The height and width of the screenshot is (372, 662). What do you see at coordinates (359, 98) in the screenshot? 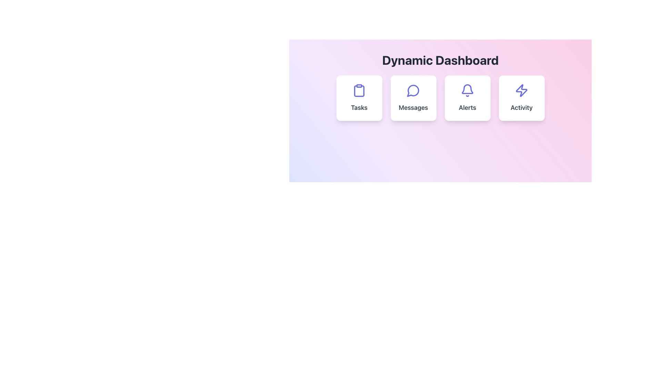
I see `the dashboard card located at the top-left corner of the grid` at bounding box center [359, 98].